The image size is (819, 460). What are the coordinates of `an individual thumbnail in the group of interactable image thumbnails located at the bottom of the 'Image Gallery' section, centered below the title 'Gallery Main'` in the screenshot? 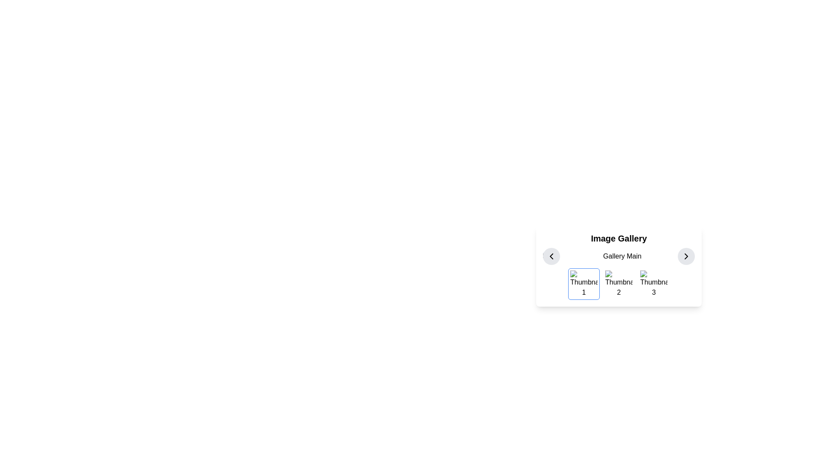 It's located at (619, 284).